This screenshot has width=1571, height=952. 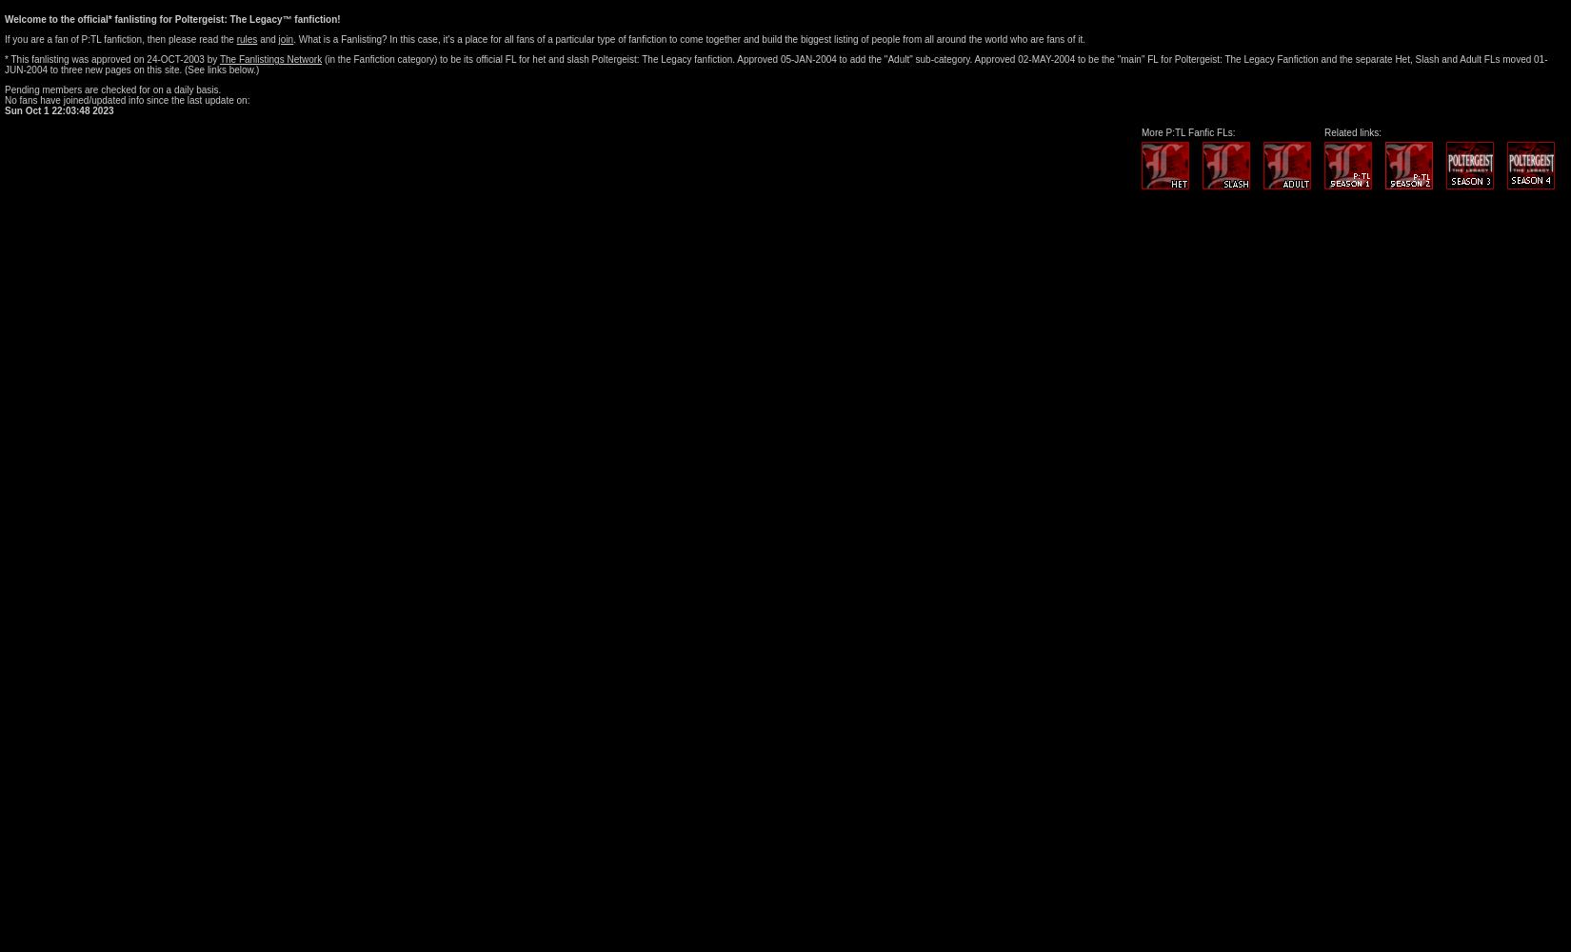 What do you see at coordinates (267, 39) in the screenshot?
I see `'and'` at bounding box center [267, 39].